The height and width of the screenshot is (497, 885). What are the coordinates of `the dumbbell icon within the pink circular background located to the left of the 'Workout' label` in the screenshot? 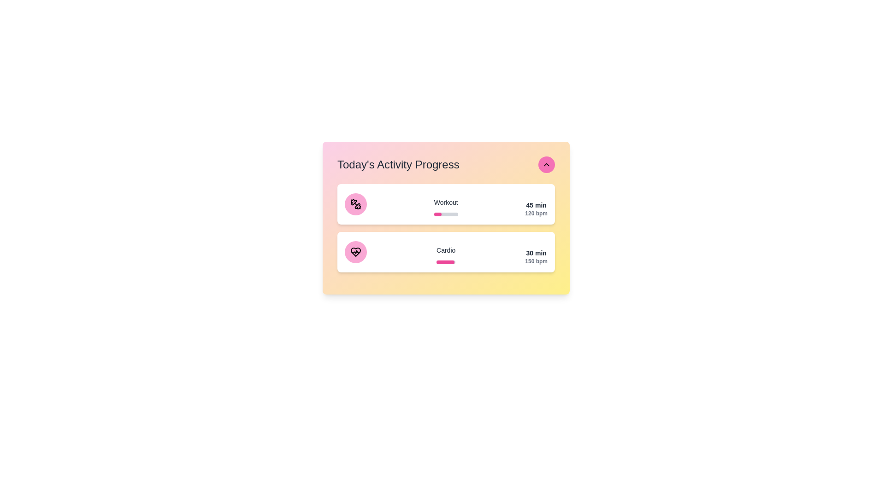 It's located at (355, 203).